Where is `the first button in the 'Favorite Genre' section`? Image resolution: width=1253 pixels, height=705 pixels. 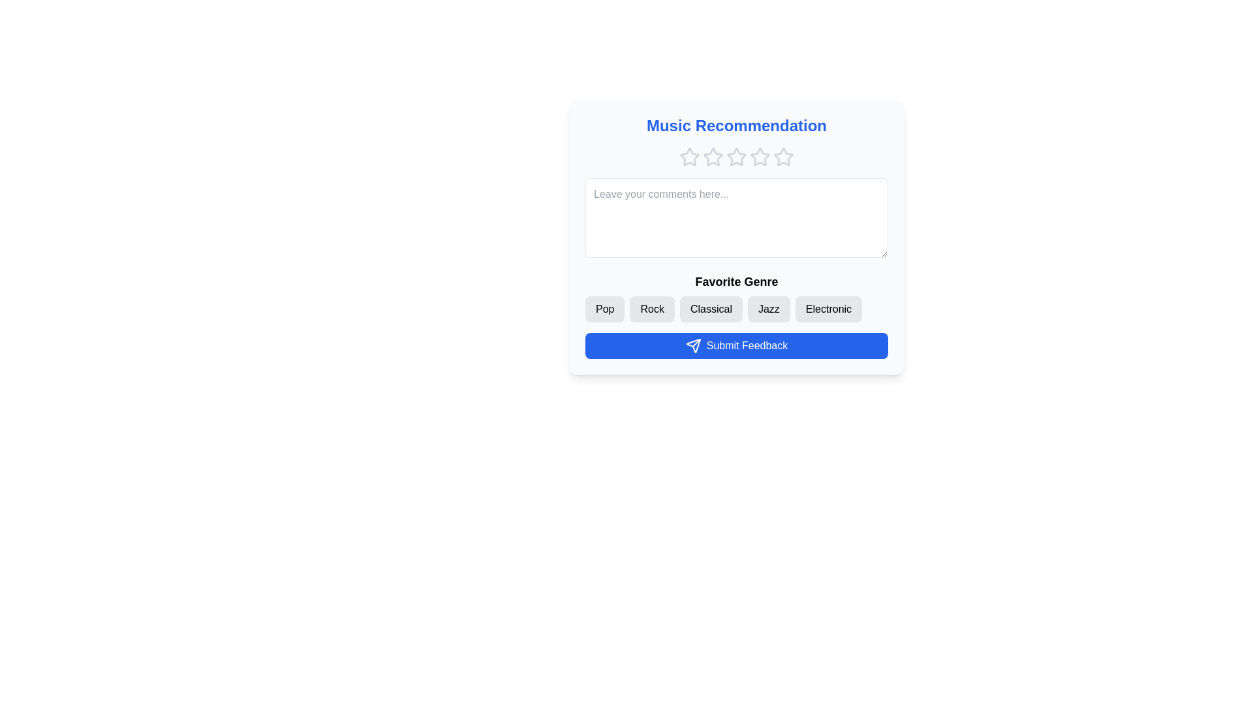
the first button in the 'Favorite Genre' section is located at coordinates (604, 309).